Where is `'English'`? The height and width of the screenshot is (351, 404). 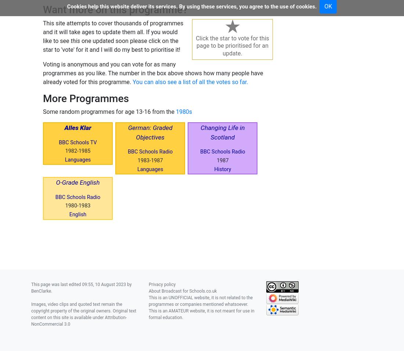 'English' is located at coordinates (77, 214).